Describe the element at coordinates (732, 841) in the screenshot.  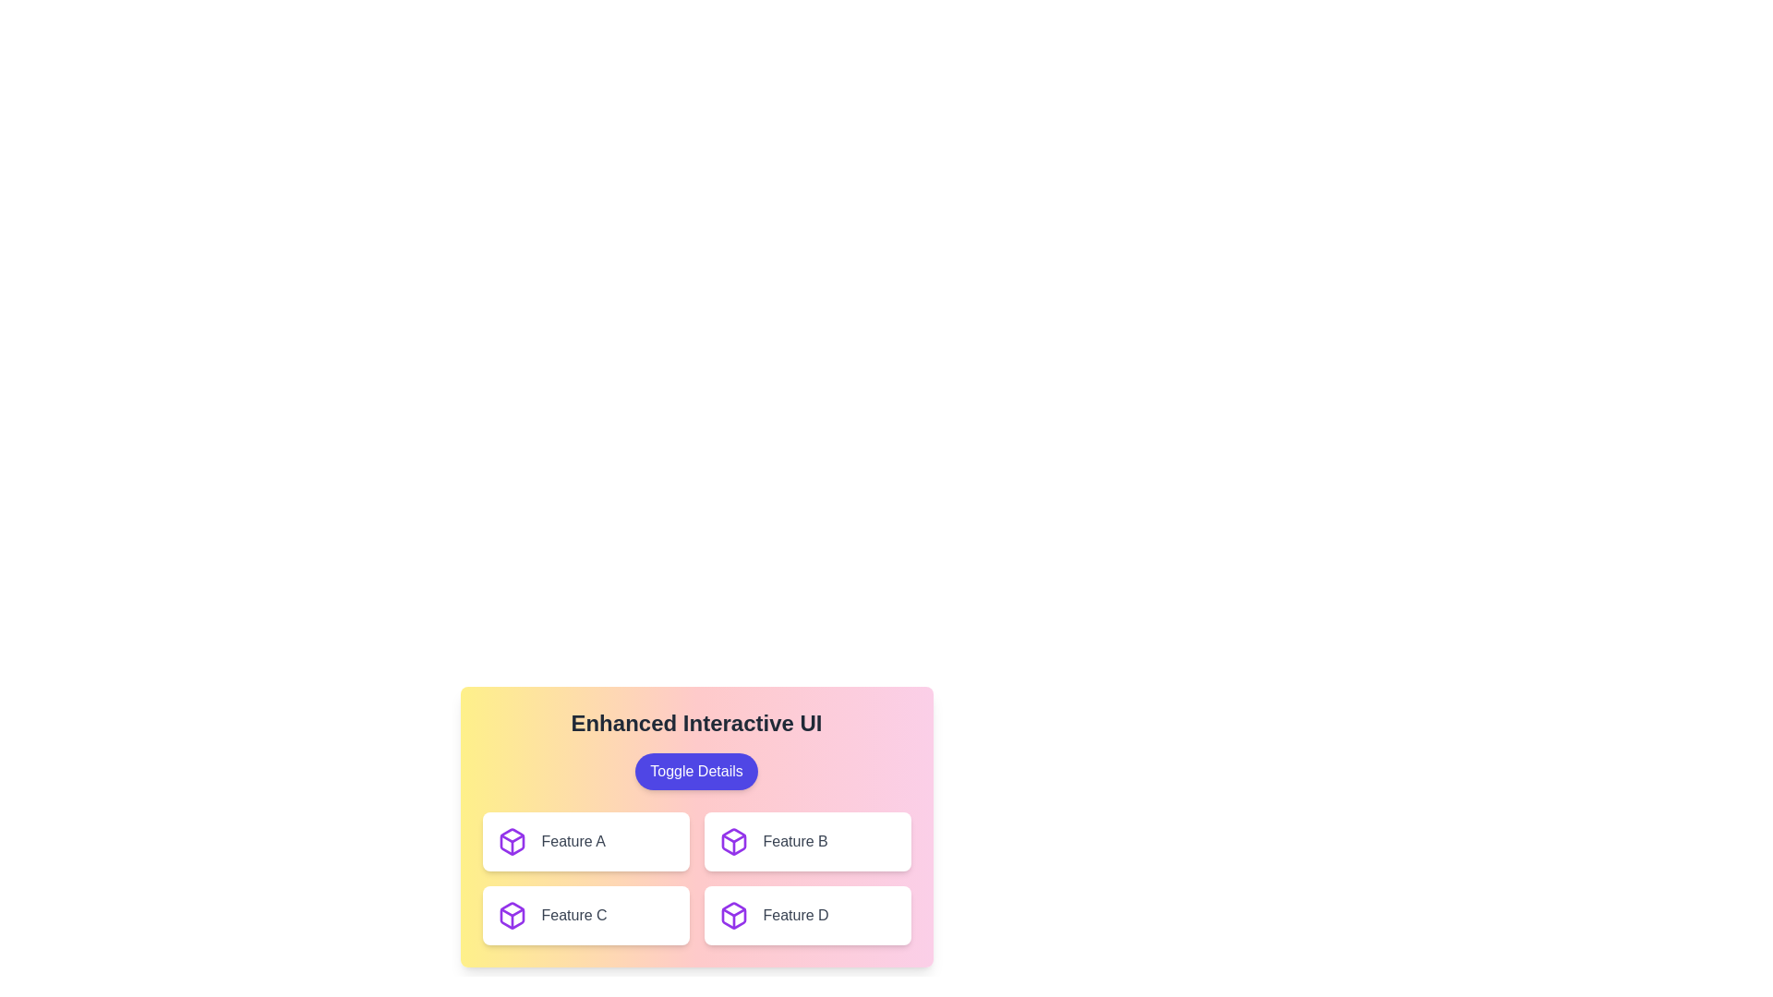
I see `the purple-colored cube-shaped icon in the top-right card of the 2x2 grid layout, associated with the text label 'Feature B'` at that location.